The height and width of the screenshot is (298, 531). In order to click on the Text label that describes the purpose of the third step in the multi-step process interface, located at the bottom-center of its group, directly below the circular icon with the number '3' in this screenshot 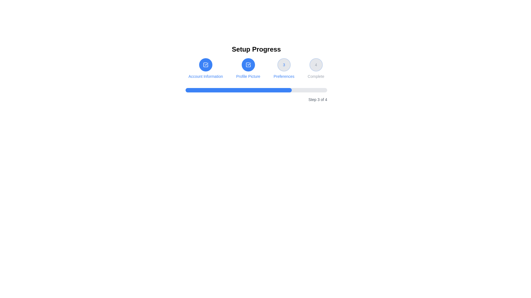, I will do `click(284, 76)`.